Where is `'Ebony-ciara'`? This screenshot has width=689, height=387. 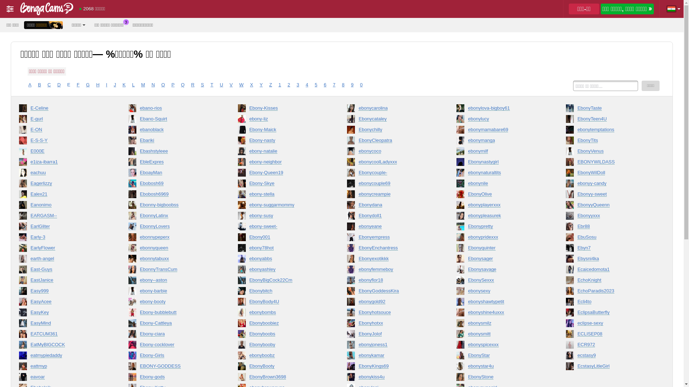
'Ebony-ciara' is located at coordinates (173, 335).